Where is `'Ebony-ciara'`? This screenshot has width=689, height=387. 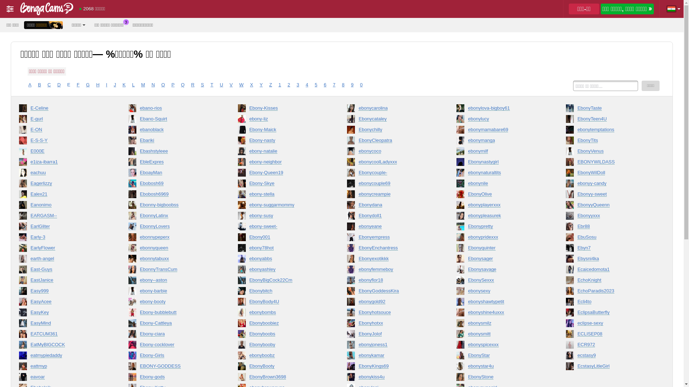
'Ebony-ciara' is located at coordinates (173, 335).